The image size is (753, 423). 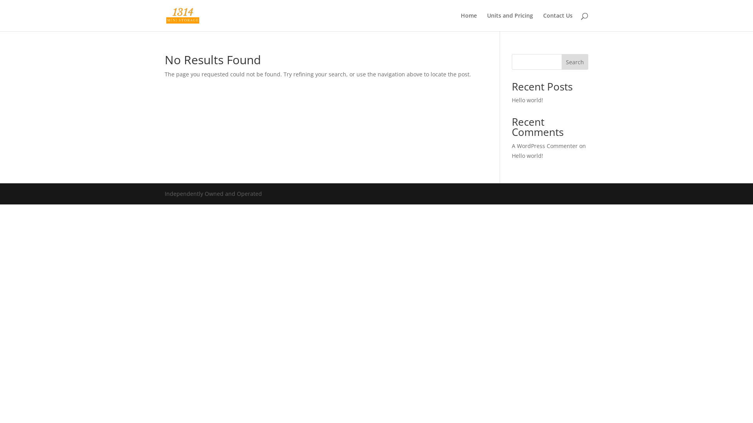 I want to click on 'A WordPress Commenter', so click(x=544, y=146).